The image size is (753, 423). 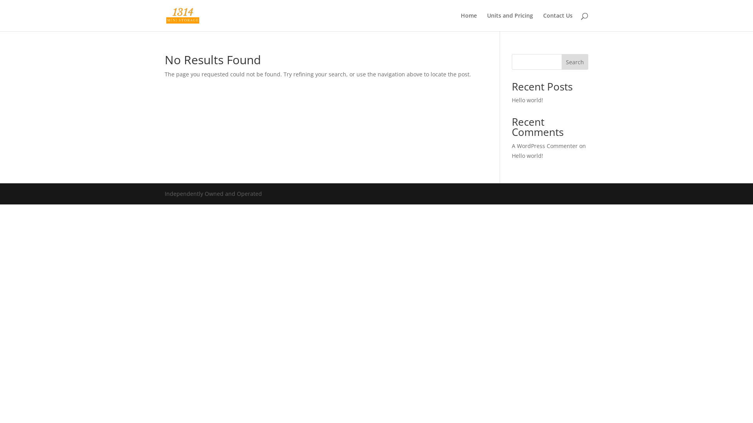 I want to click on 'A WordPress Commenter', so click(x=544, y=146).